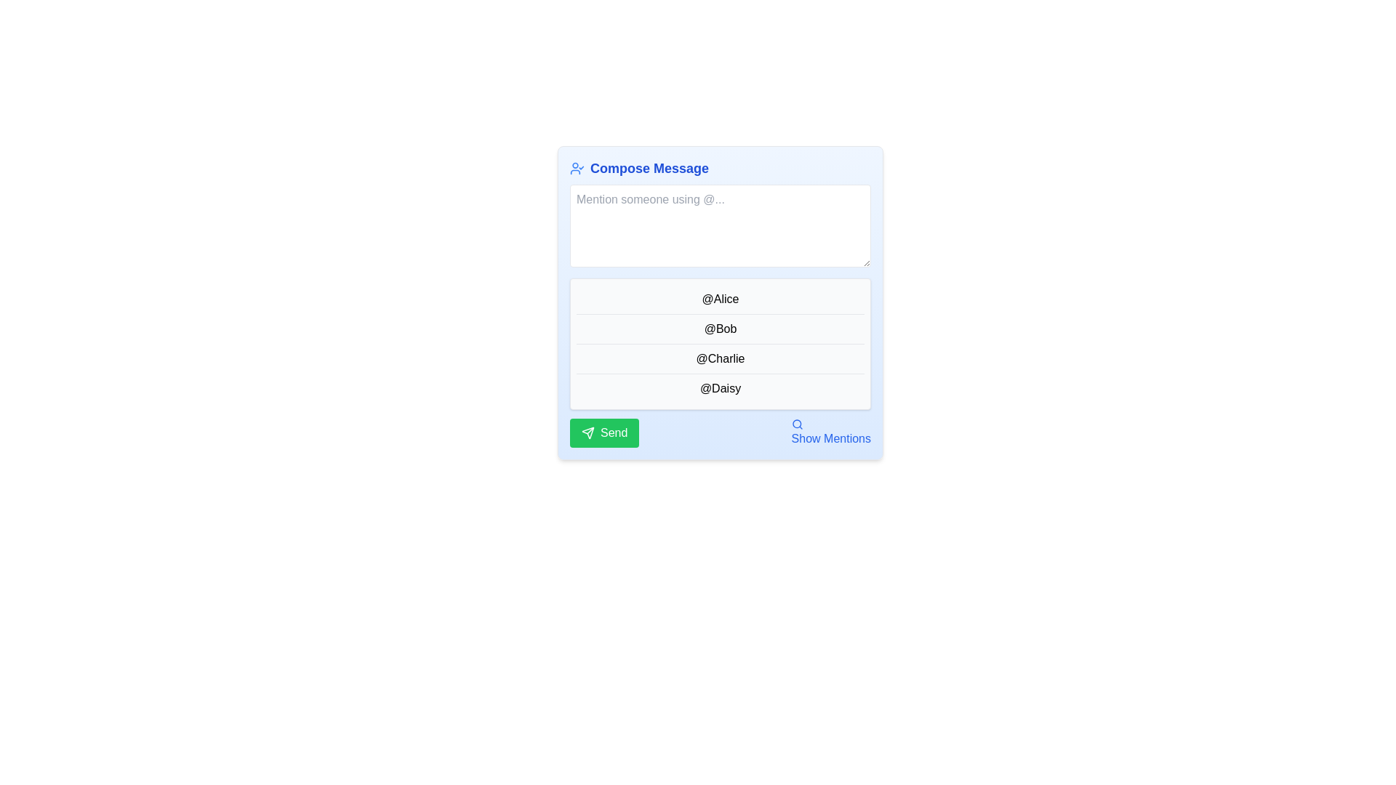  Describe the element at coordinates (796, 424) in the screenshot. I see `the icon located to the left of the 'Show Mentions' text at the bottom-right corner of the interface` at that location.